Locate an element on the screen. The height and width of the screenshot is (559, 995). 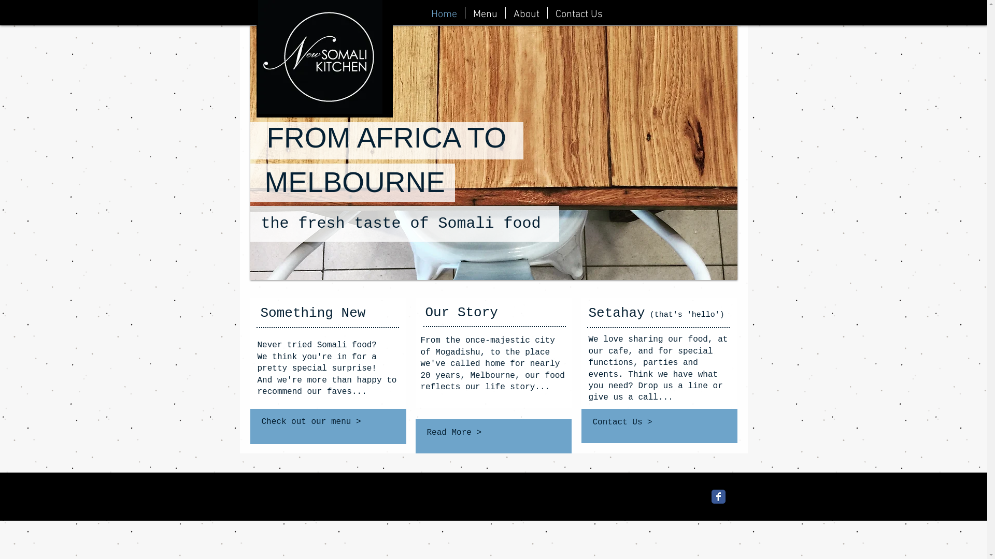
'Read More >' is located at coordinates (492, 433).